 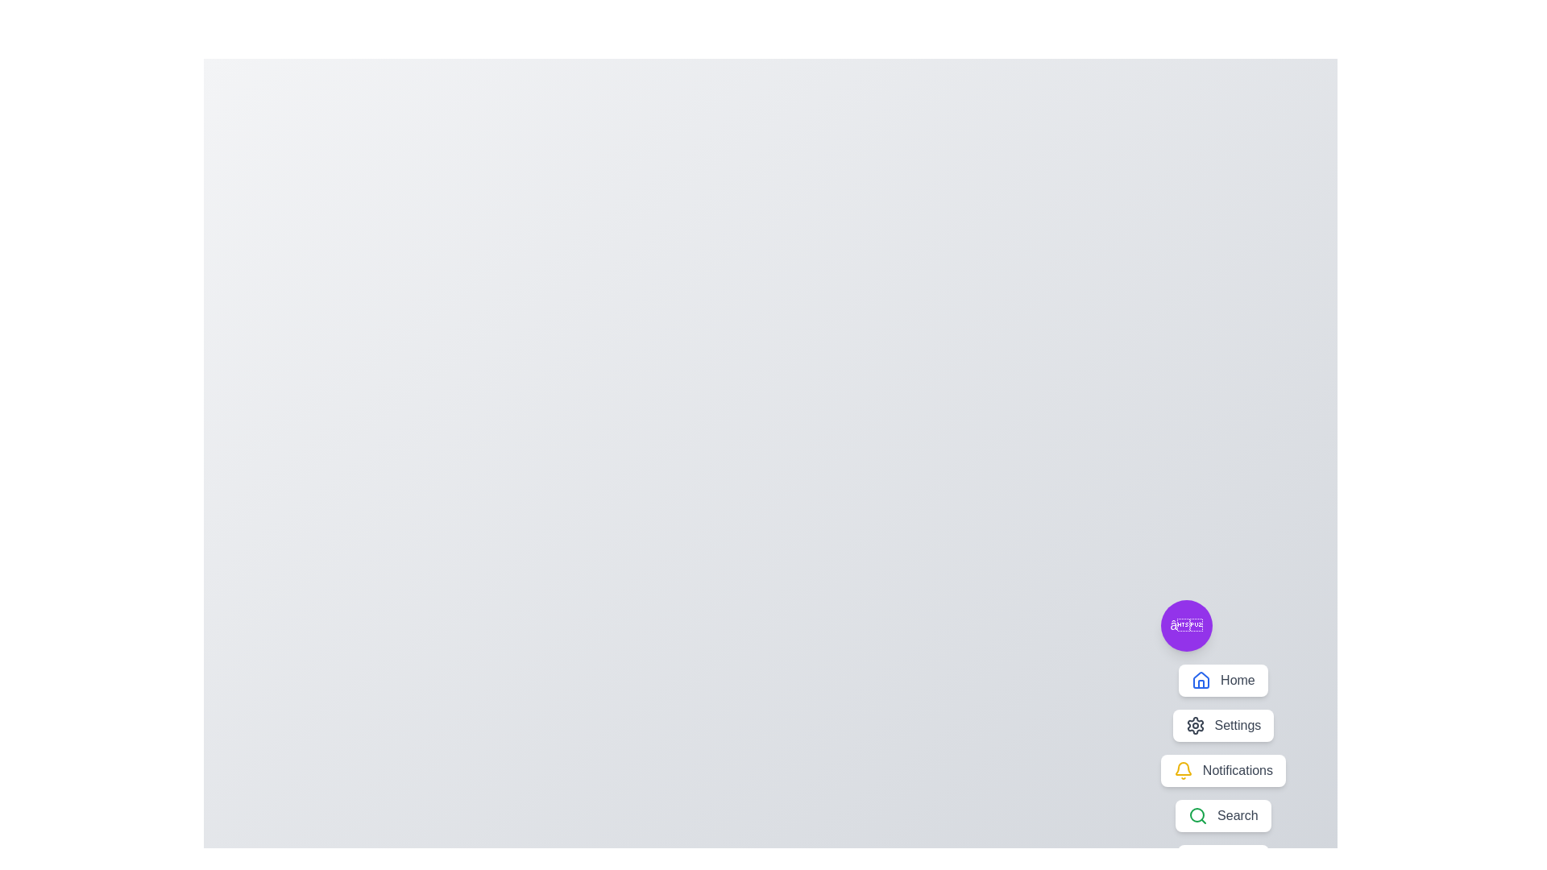 I want to click on the purple circular button to toggle the visibility of the speed dial menu, so click(x=1186, y=624).